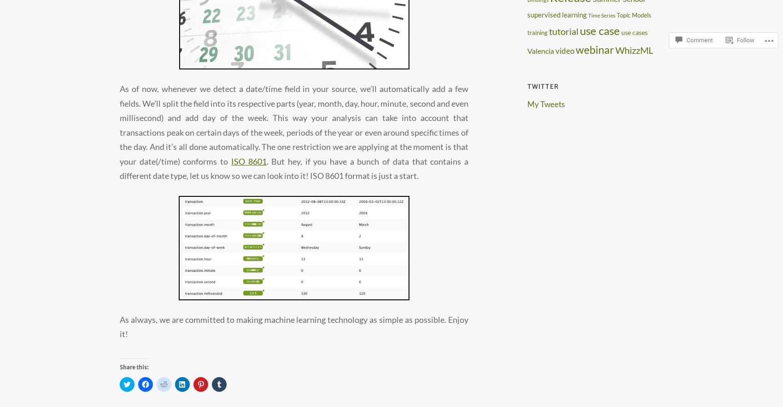 This screenshot has height=407, width=783. I want to click on 'tutorial', so click(549, 30).